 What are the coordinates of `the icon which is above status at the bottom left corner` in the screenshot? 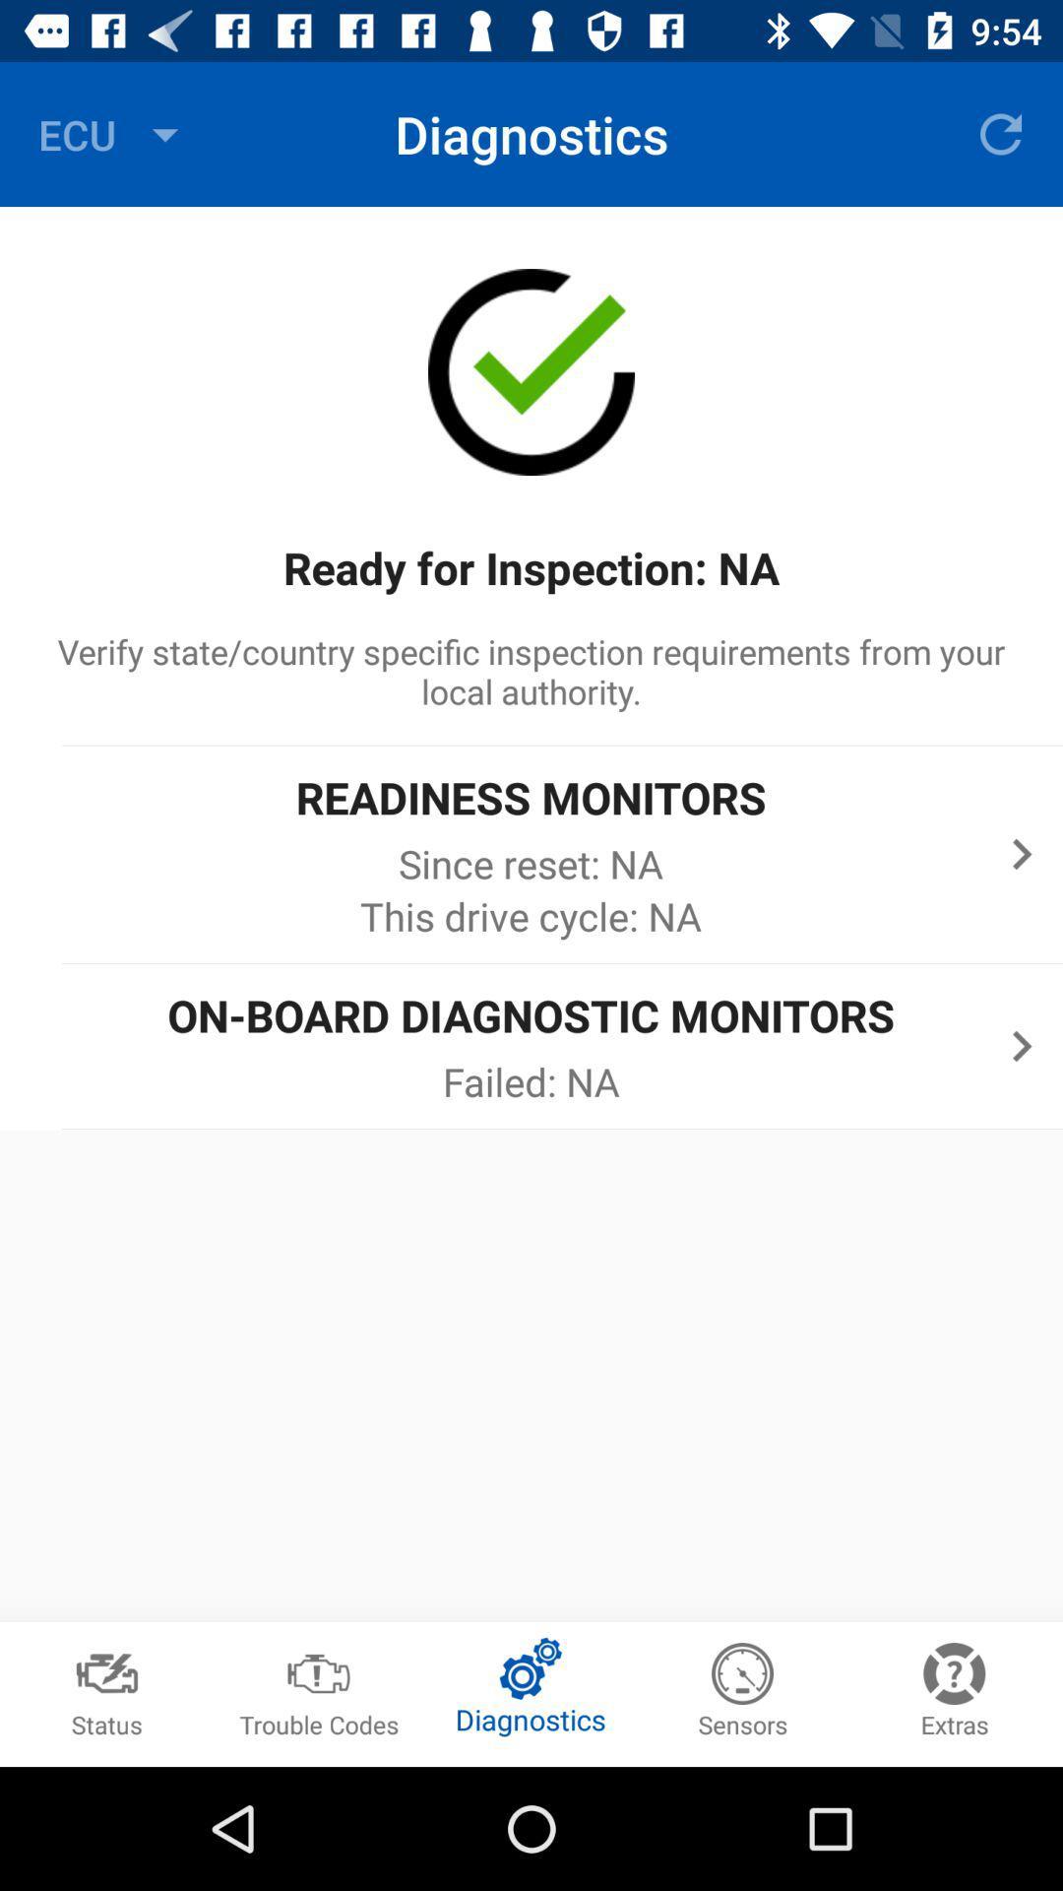 It's located at (106, 1663).